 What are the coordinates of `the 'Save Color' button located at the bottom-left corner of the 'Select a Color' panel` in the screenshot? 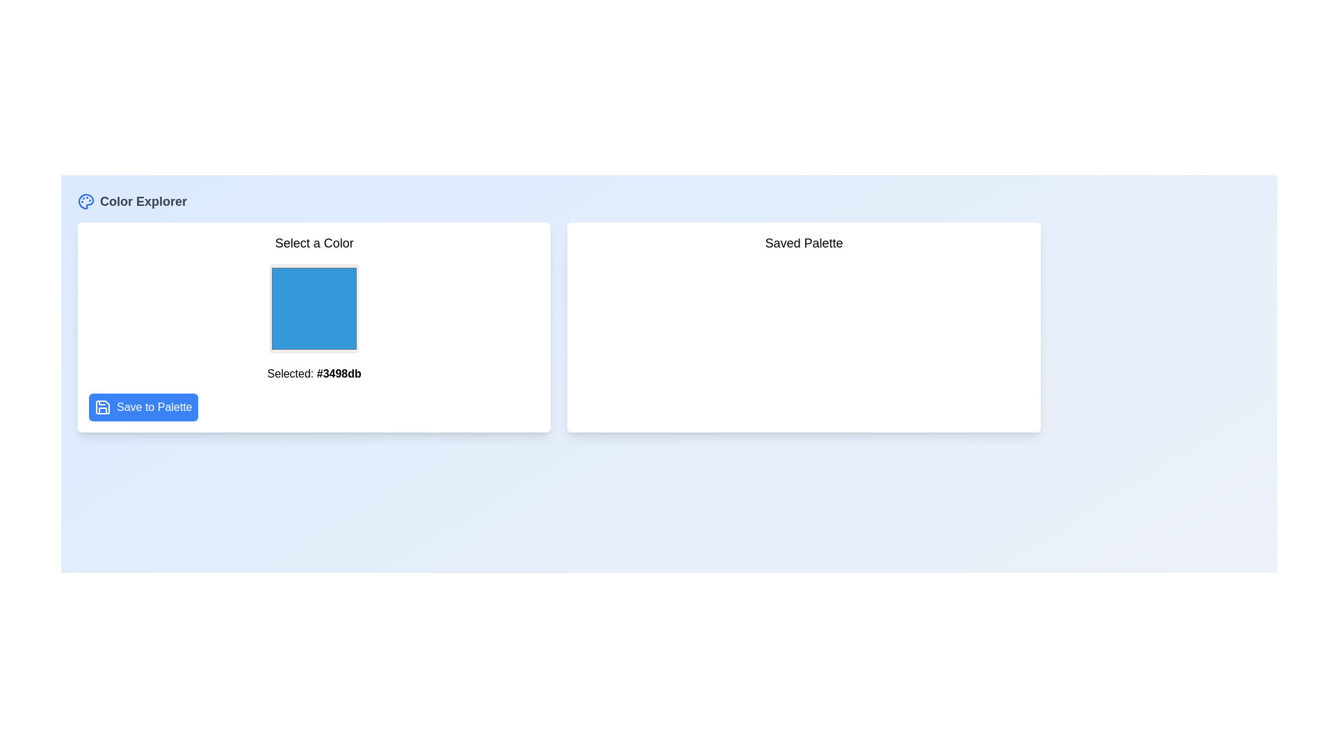 It's located at (143, 407).